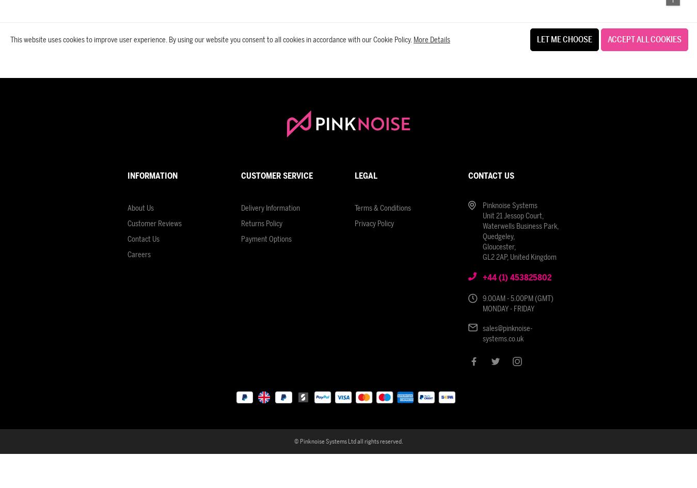 This screenshot has width=697, height=488. I want to click on 'Legal', so click(366, 175).